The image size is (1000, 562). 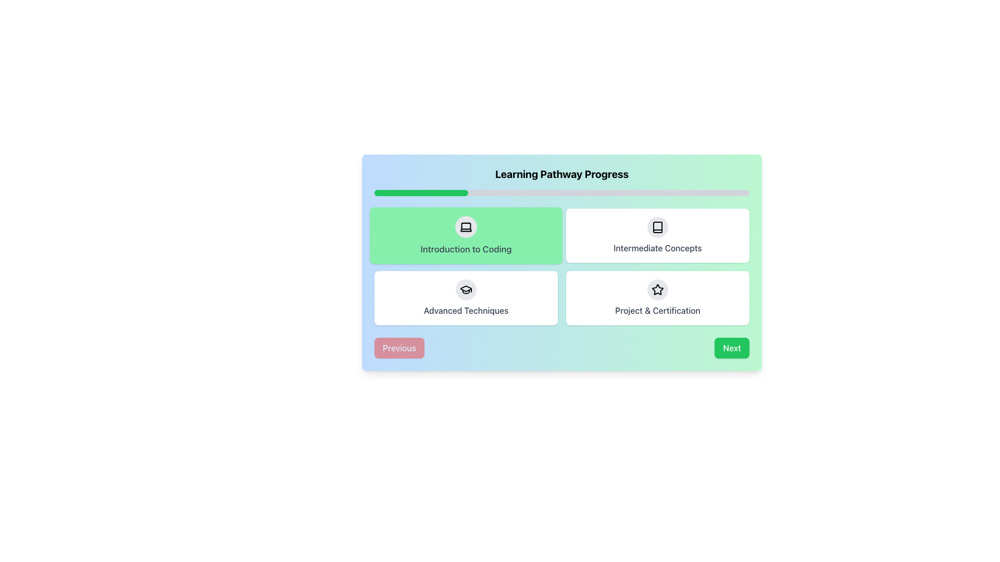 What do you see at coordinates (465, 235) in the screenshot?
I see `the 'Introduction to Coding' card located in the top left corner of the 2x2 grid layout` at bounding box center [465, 235].